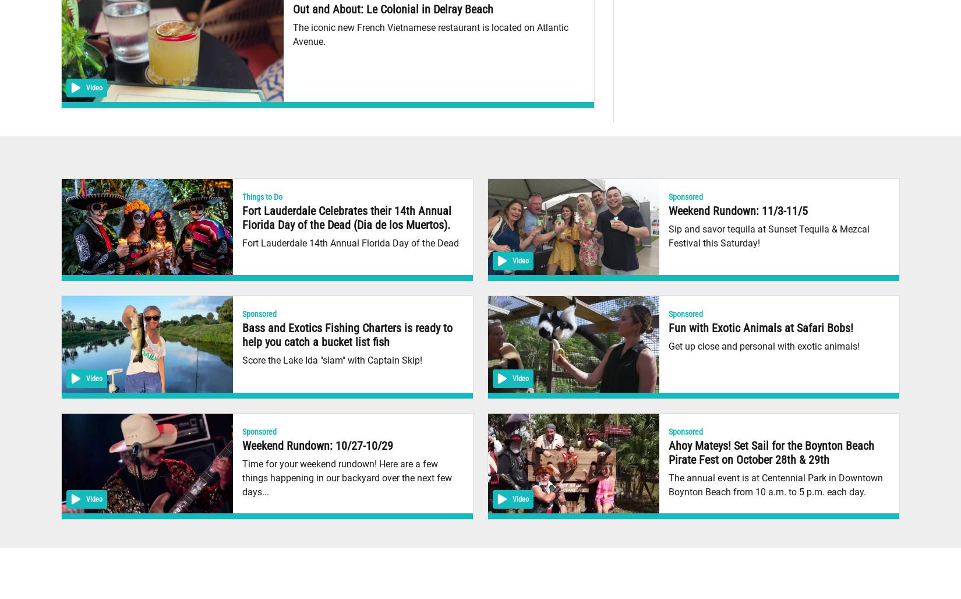  I want to click on 'Out and About: Le Colonial in Delray Beach', so click(392, 9).